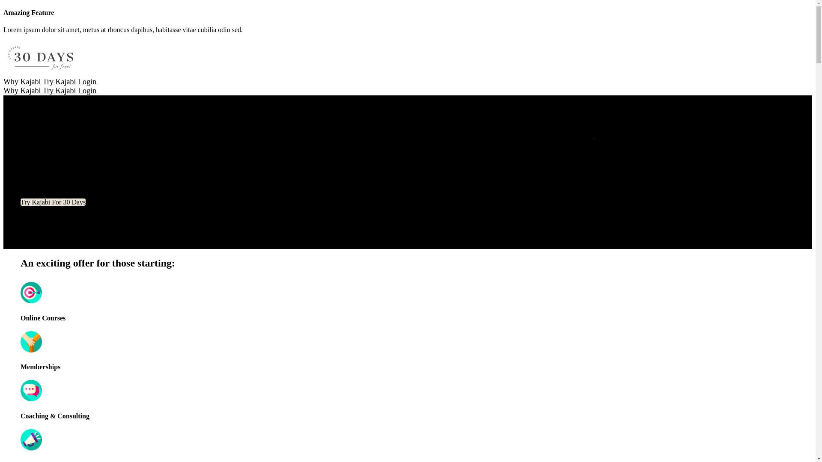 The height and width of the screenshot is (462, 822). I want to click on 'Why Kajabi', so click(22, 91).